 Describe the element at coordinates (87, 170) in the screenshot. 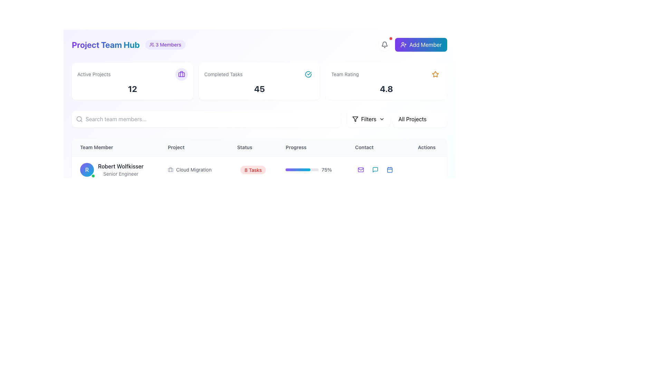

I see `the circular badge with a gradient background and the letter 'R'` at that location.